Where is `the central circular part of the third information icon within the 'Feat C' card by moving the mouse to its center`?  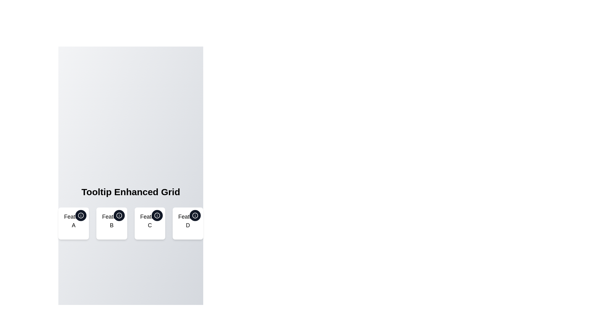
the central circular part of the third information icon within the 'Feat C' card by moving the mouse to its center is located at coordinates (157, 215).